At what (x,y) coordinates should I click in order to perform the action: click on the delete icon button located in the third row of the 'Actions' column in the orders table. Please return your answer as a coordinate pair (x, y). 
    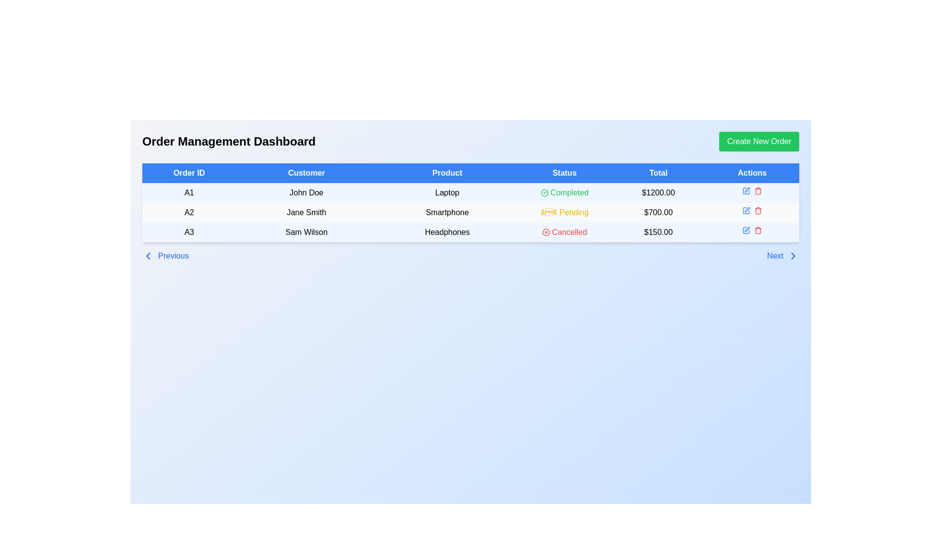
    Looking at the image, I should click on (758, 190).